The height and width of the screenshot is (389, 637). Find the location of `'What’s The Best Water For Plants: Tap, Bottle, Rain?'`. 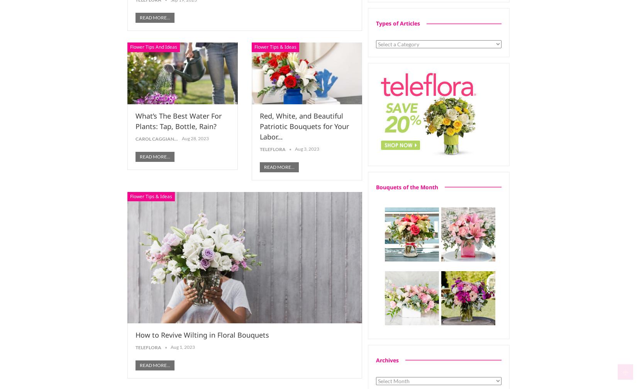

'What’s The Best Water For Plants: Tap, Bottle, Rain?' is located at coordinates (178, 121).